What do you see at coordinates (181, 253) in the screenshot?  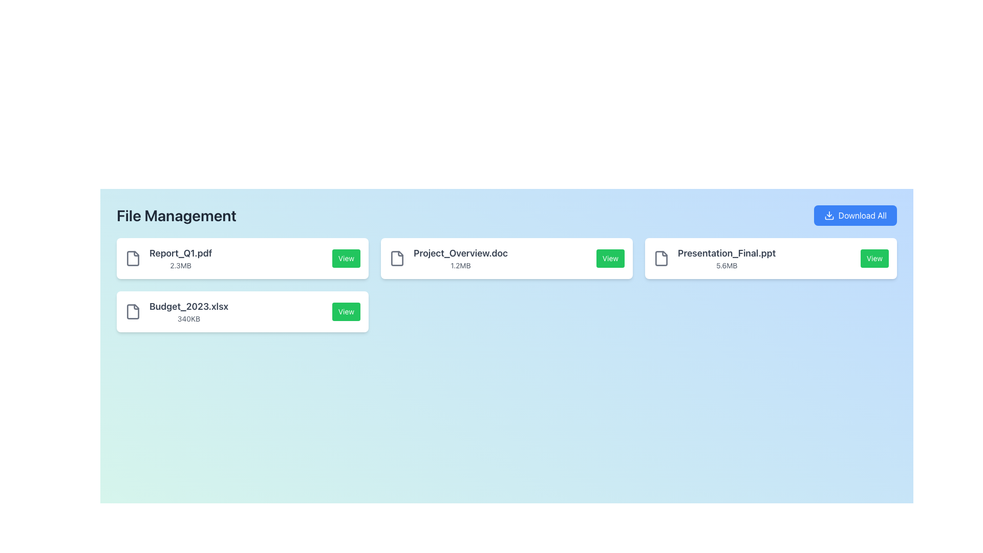 I see `the text label displaying 'Report_Q1.pdf', which is the primary title of the first file card in the top-left of the grid layout` at bounding box center [181, 253].